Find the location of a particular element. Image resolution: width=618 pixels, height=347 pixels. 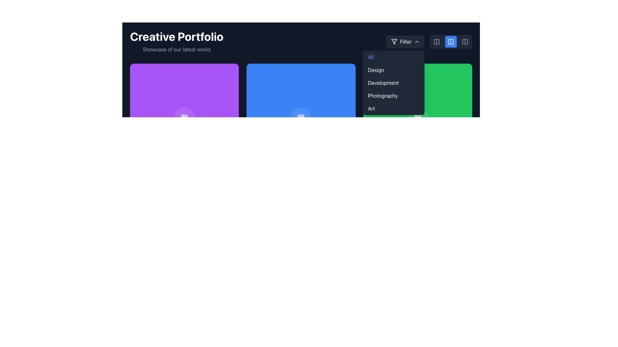

the SVG icon shaped like a two-column layout with a blue background and white color, located in the top-right corner of the interface, specifically the middle button in the group of layout-related buttons is located at coordinates (451, 42).